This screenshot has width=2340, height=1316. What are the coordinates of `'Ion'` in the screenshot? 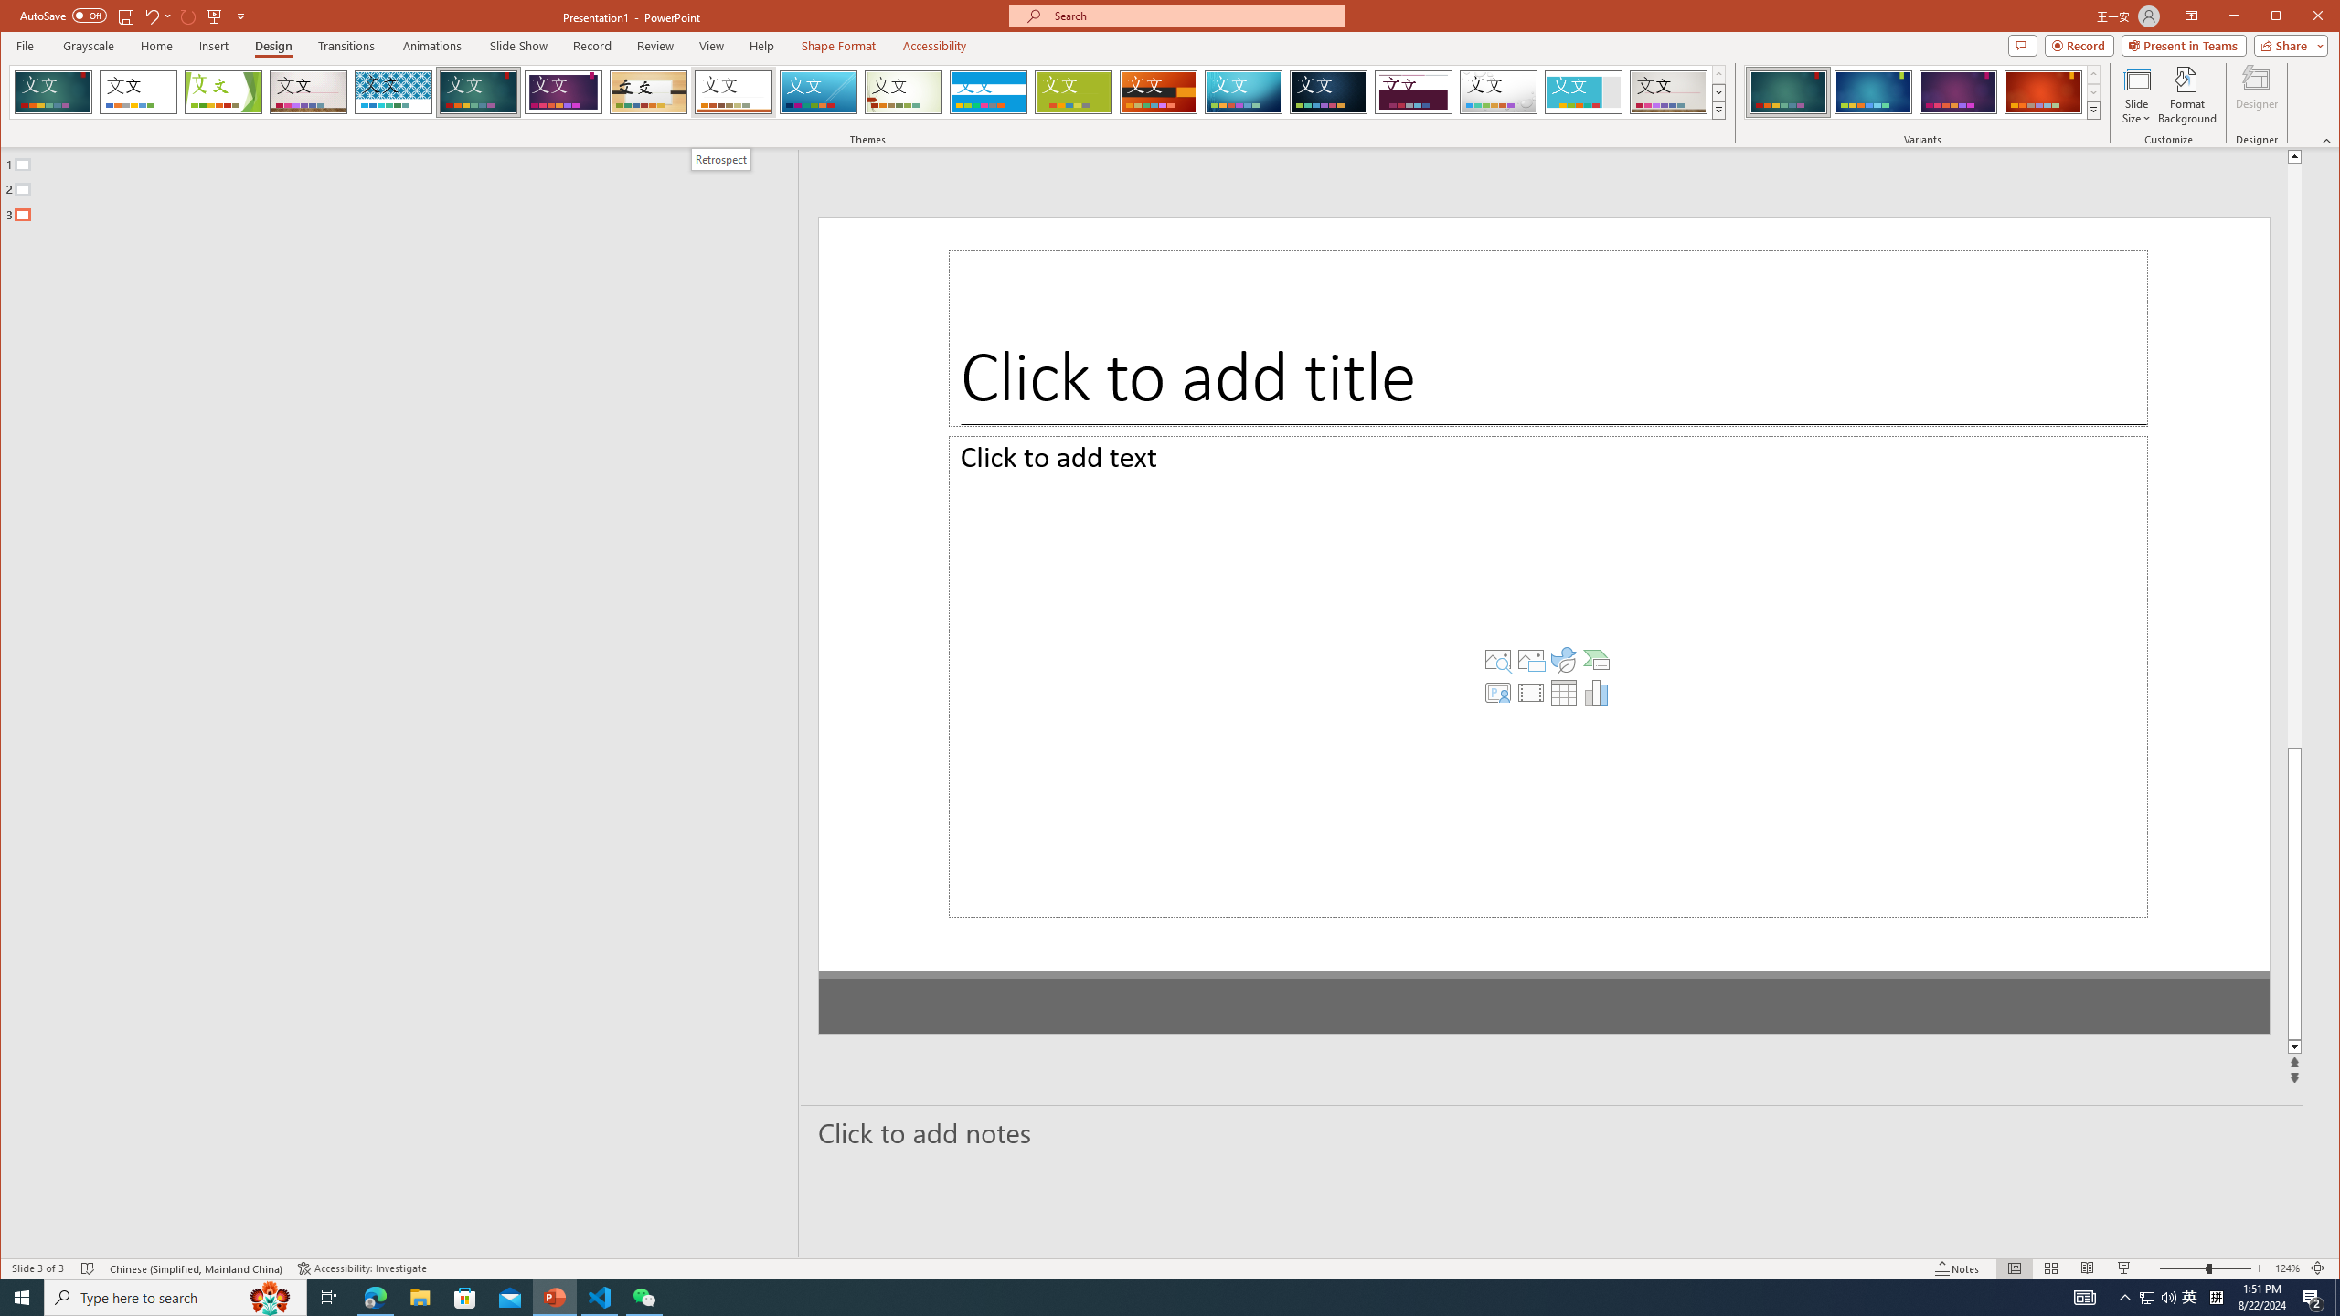 It's located at (477, 91).